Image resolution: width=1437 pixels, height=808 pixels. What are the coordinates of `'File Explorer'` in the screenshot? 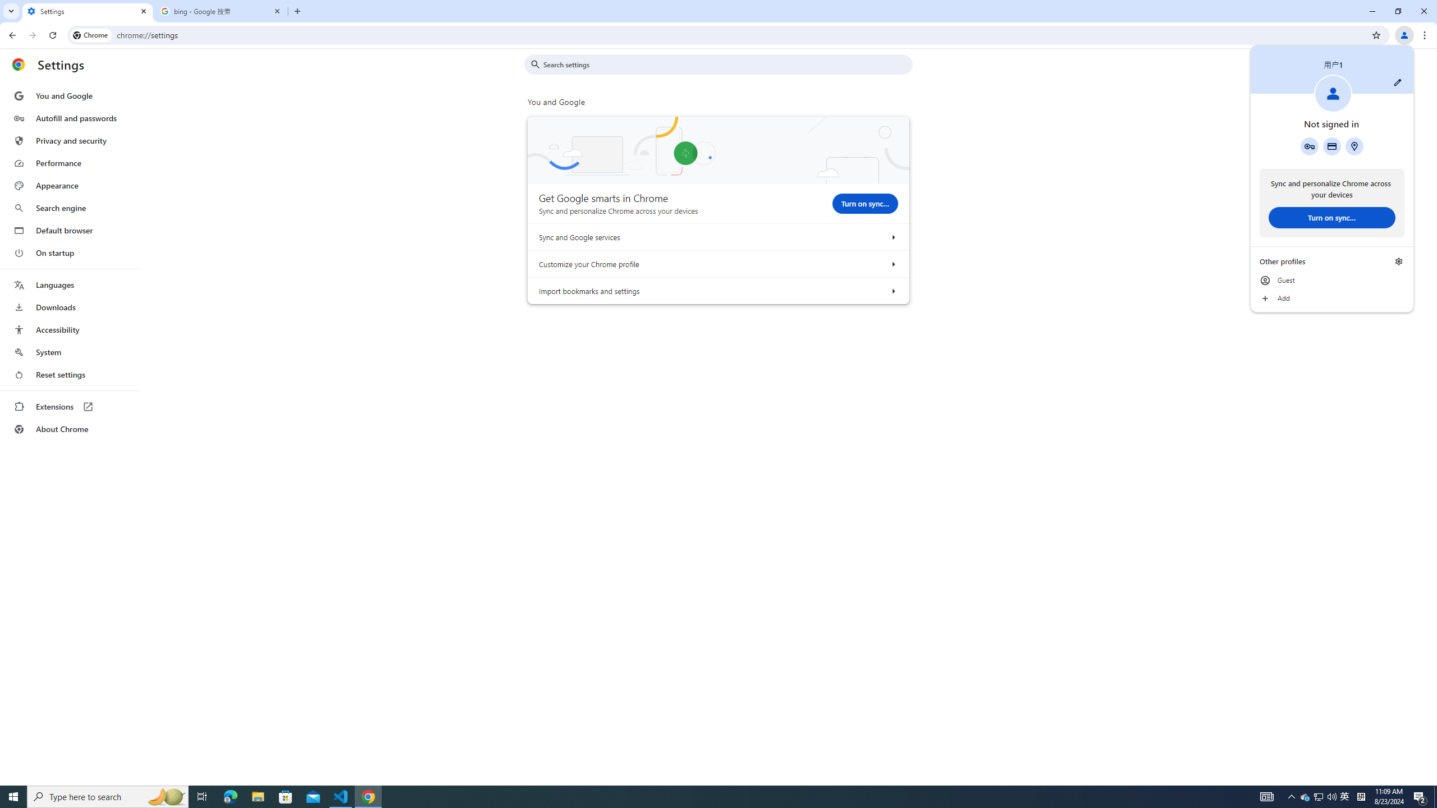 It's located at (257, 796).